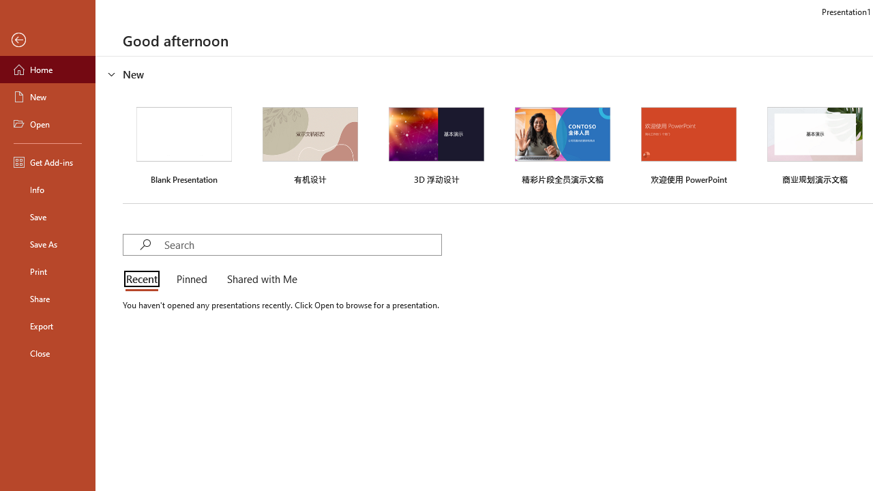 This screenshot has height=491, width=873. Describe the element at coordinates (47, 40) in the screenshot. I see `'Back'` at that location.